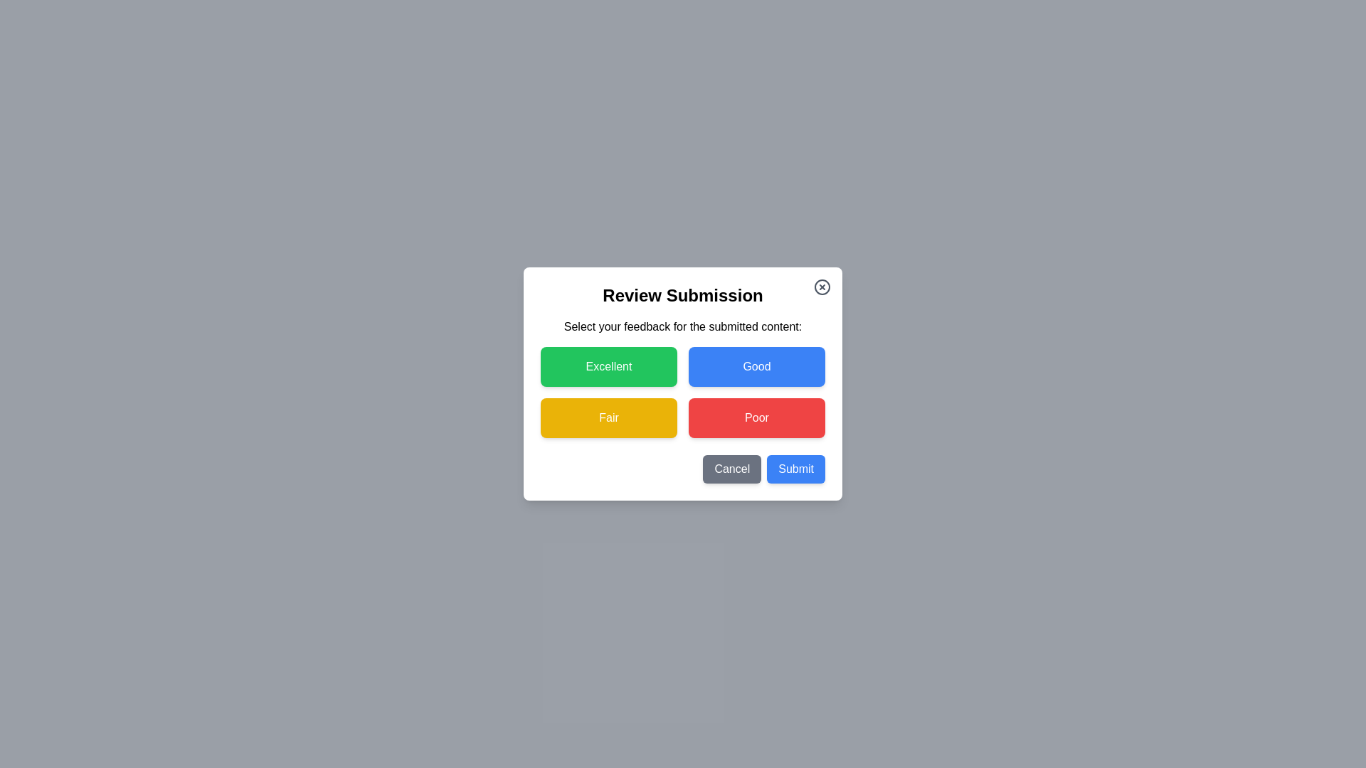  Describe the element at coordinates (608, 417) in the screenshot. I see `the button labeled Fair to select the corresponding feedback` at that location.